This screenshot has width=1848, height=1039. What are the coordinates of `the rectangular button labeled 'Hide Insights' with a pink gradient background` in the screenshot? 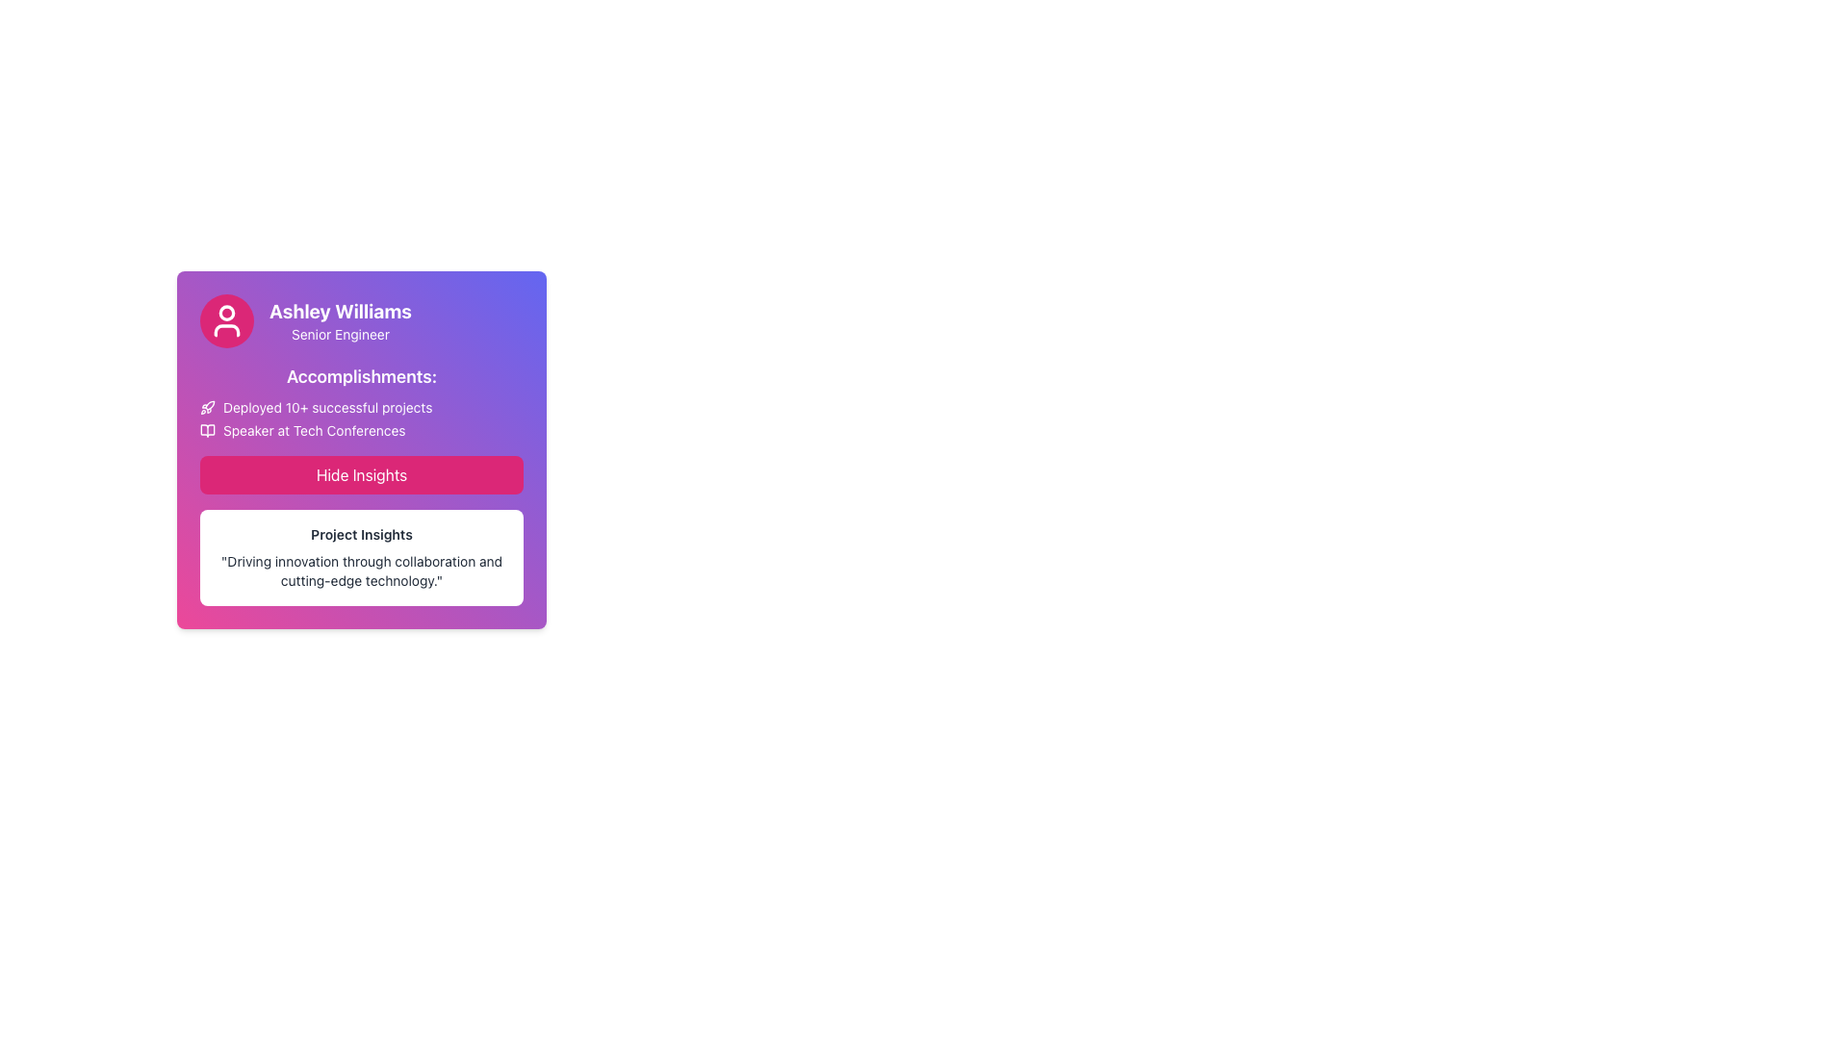 It's located at (361, 474).